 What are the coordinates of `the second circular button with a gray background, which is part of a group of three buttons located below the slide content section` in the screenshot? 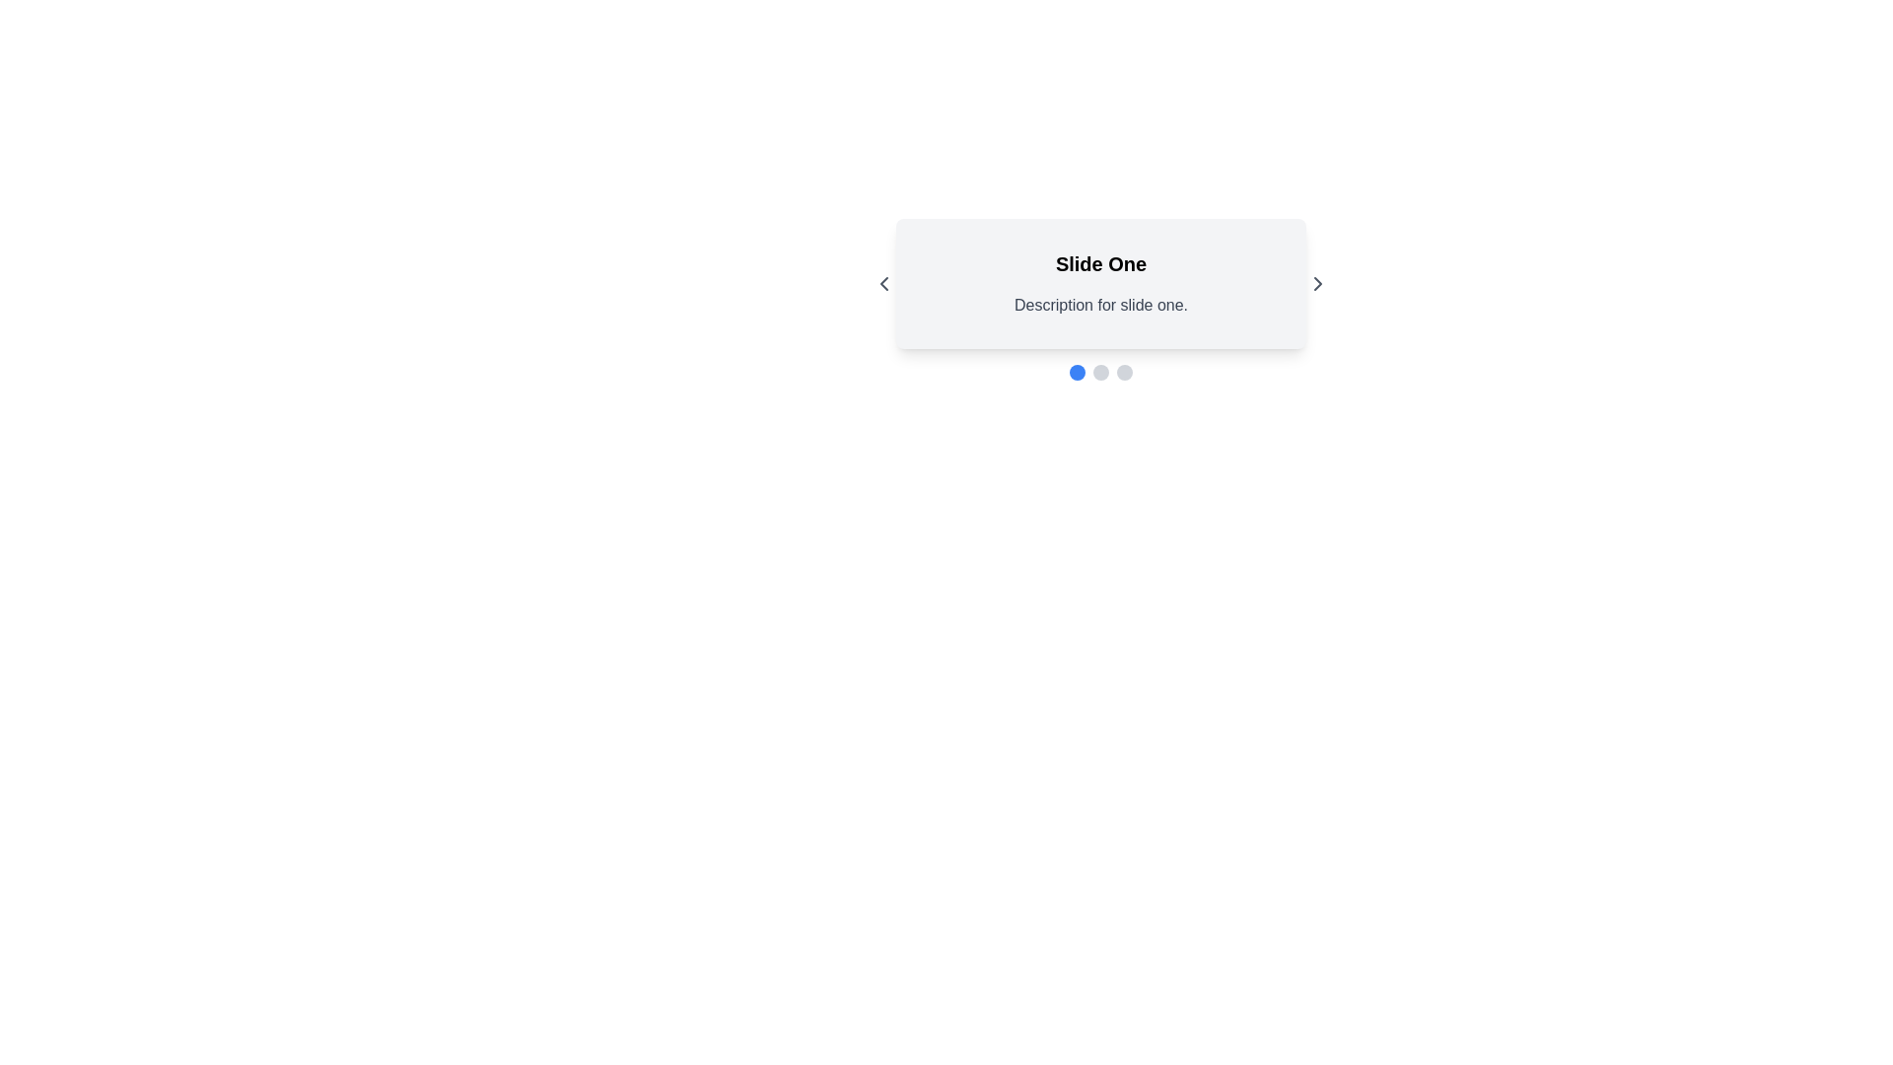 It's located at (1100, 373).